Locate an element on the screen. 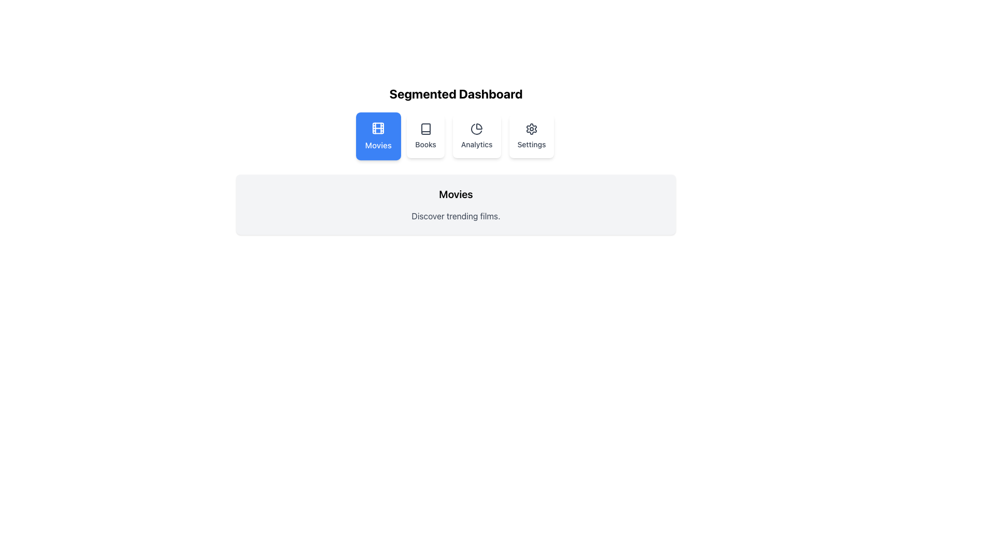 This screenshot has height=560, width=995. the third button in the segmented navigation bar that labels the analytics section for navigation is located at coordinates (476, 144).